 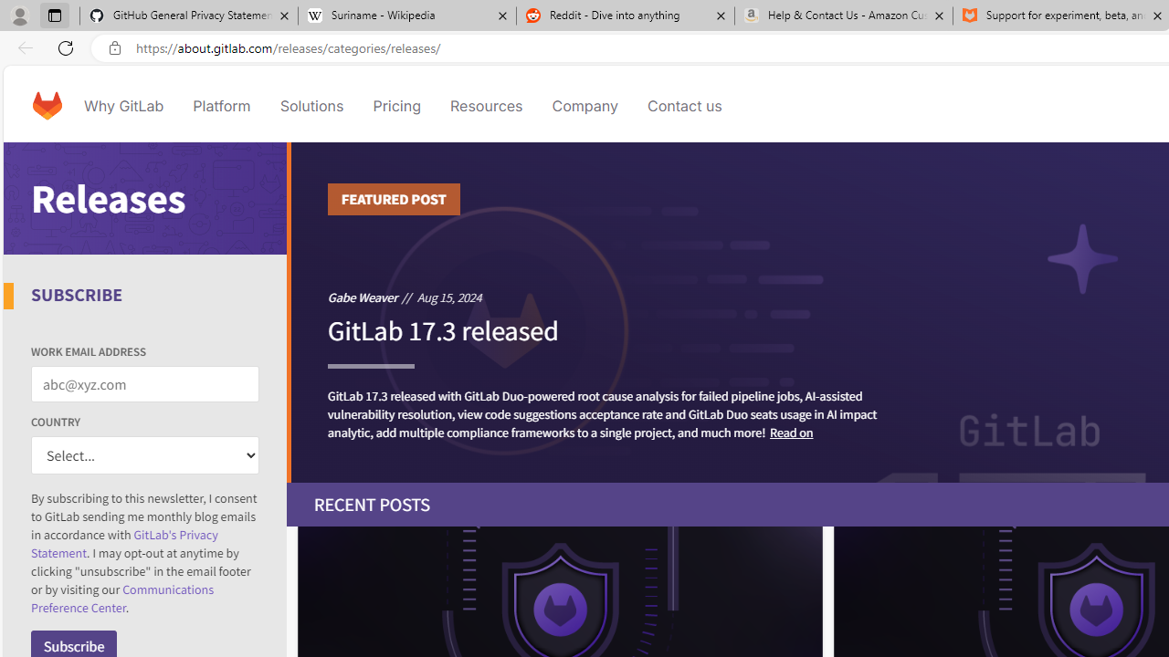 I want to click on 'Communications Preference Center', so click(x=122, y=599).